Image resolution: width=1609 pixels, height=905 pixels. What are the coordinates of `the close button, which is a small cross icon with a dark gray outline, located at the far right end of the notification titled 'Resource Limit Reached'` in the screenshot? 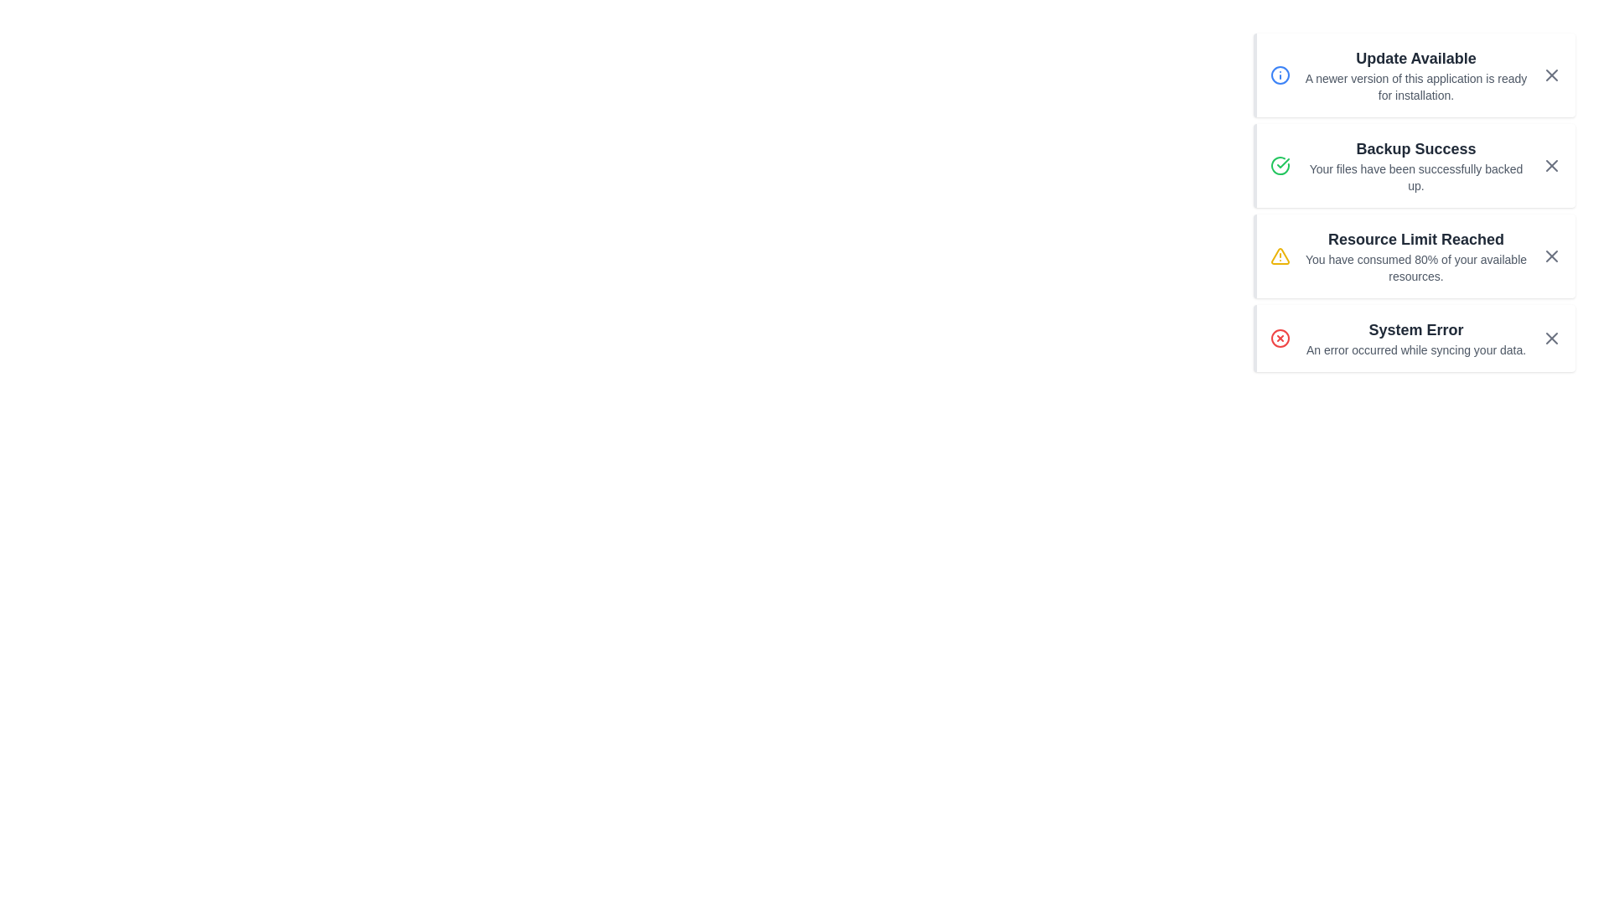 It's located at (1551, 256).